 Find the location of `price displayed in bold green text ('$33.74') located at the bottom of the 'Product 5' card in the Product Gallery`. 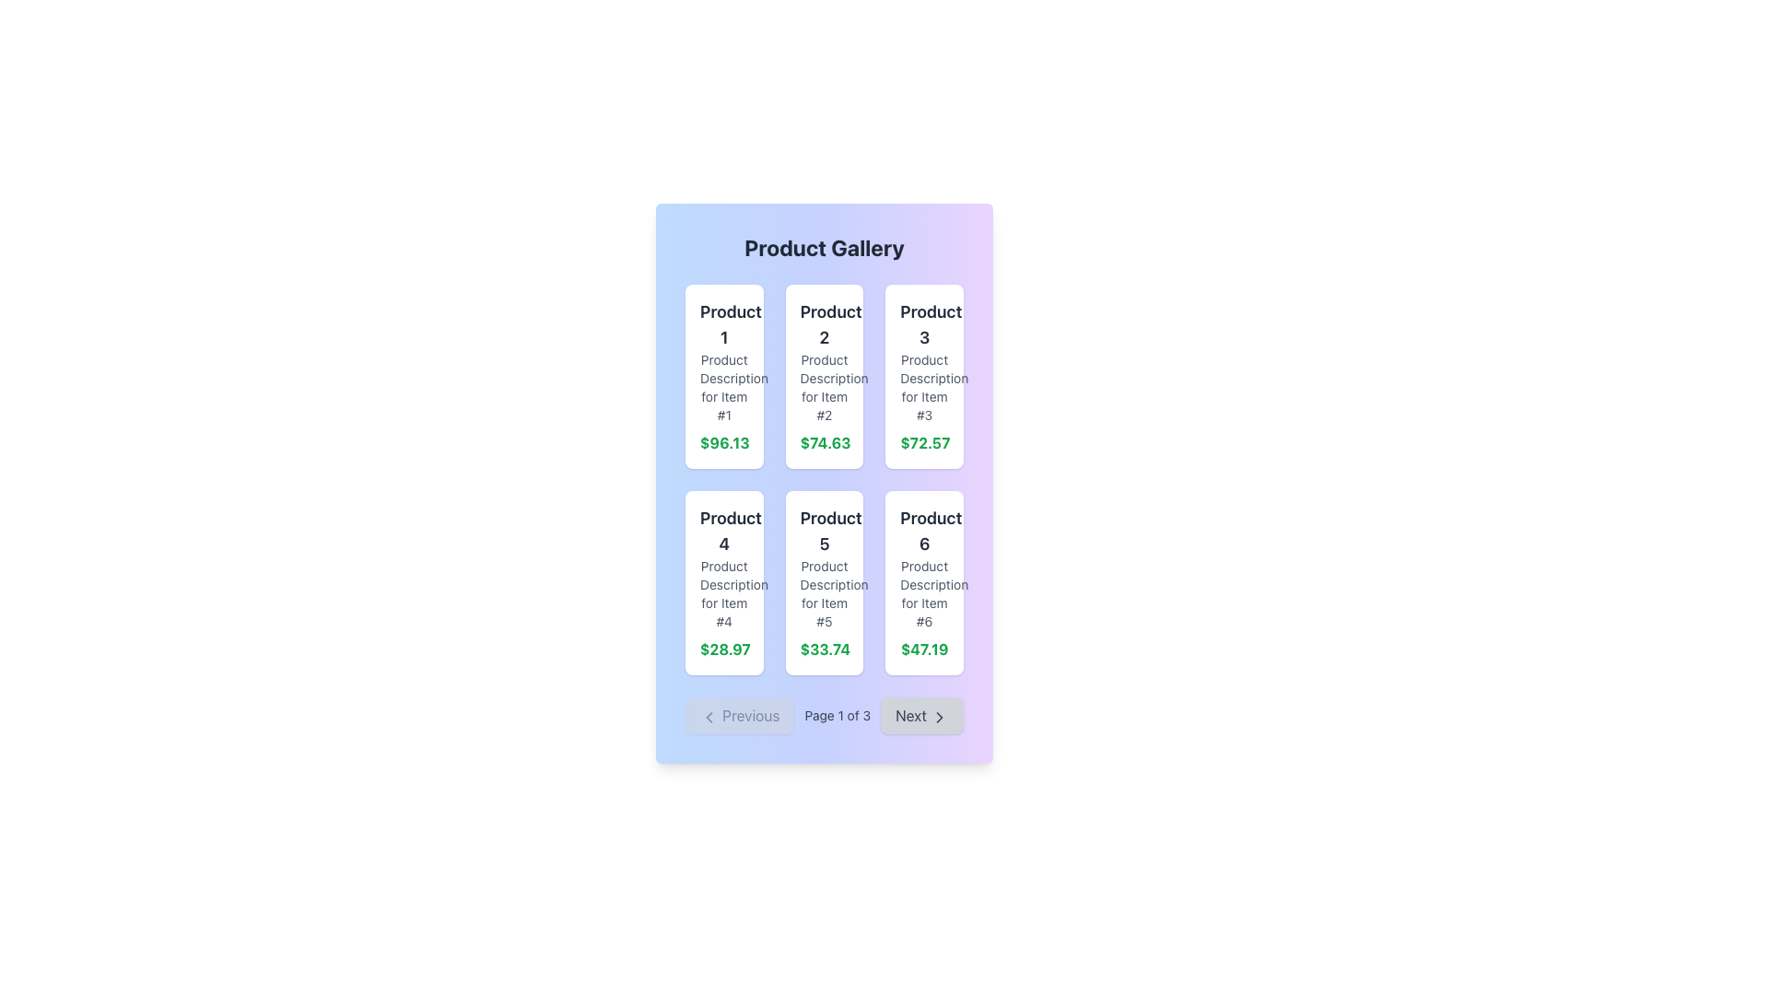

price displayed in bold green text ('$33.74') located at the bottom of the 'Product 5' card in the Product Gallery is located at coordinates (823, 649).